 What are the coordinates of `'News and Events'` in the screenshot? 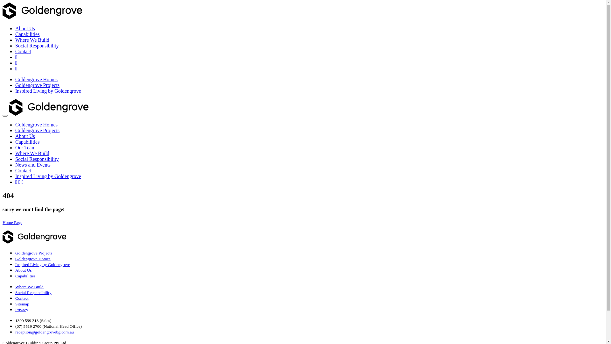 It's located at (32, 164).